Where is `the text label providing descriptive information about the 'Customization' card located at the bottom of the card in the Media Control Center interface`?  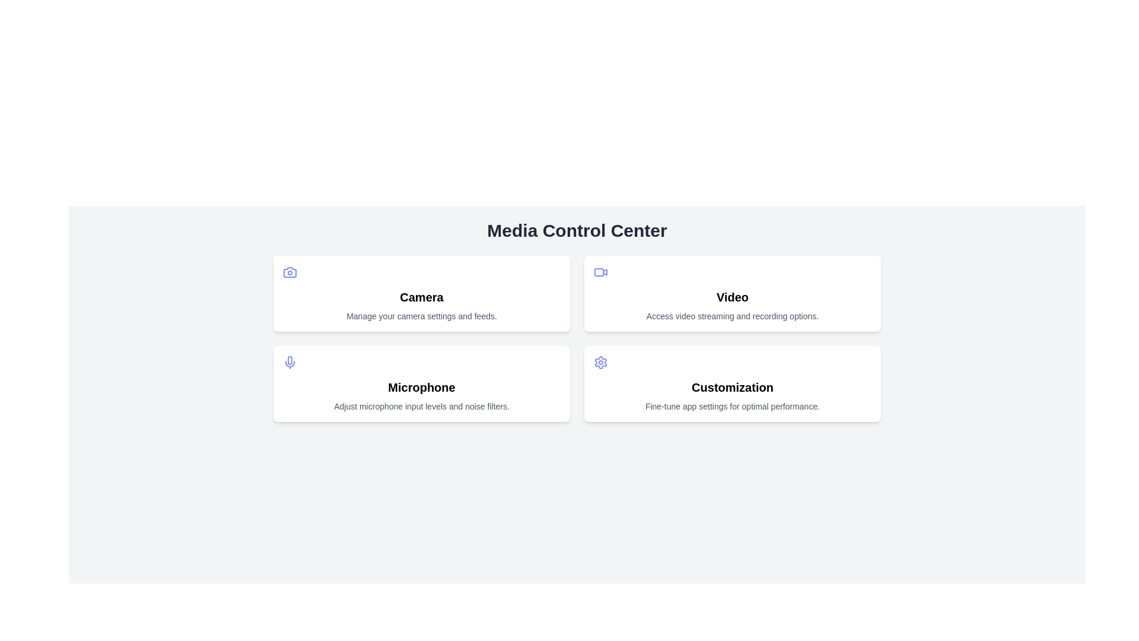 the text label providing descriptive information about the 'Customization' card located at the bottom of the card in the Media Control Center interface is located at coordinates (731, 406).